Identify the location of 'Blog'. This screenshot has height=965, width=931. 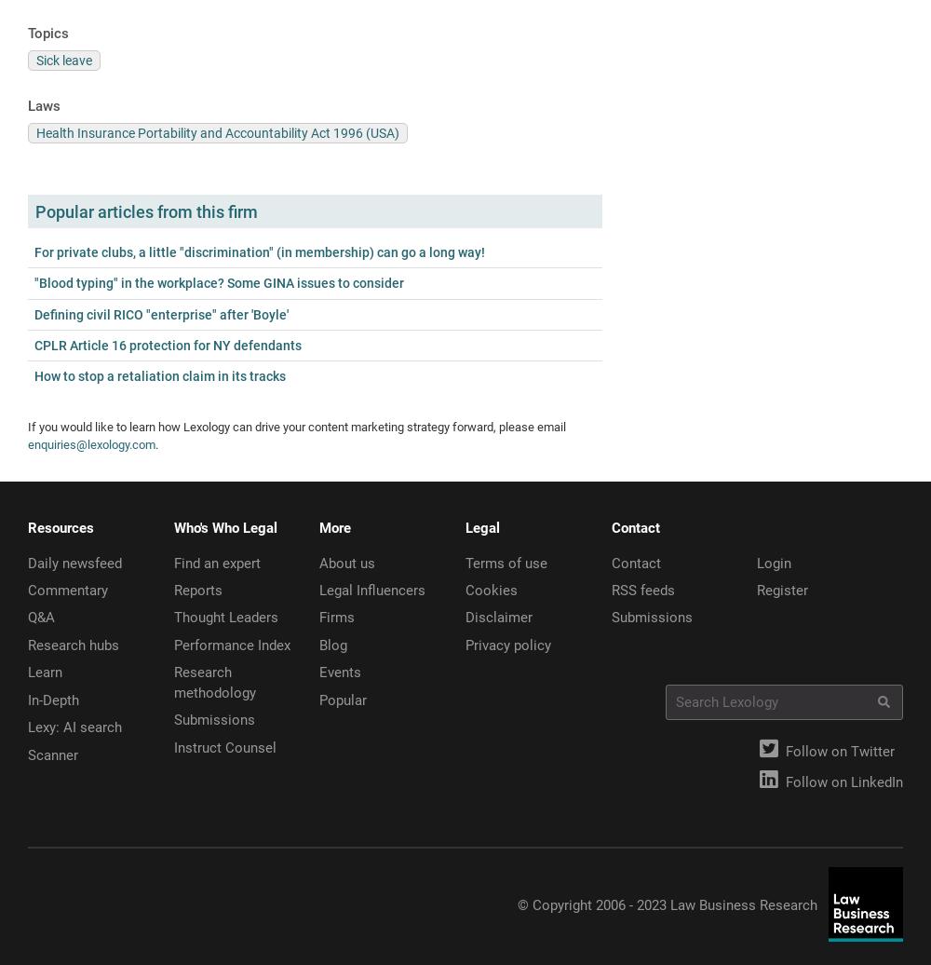
(318, 645).